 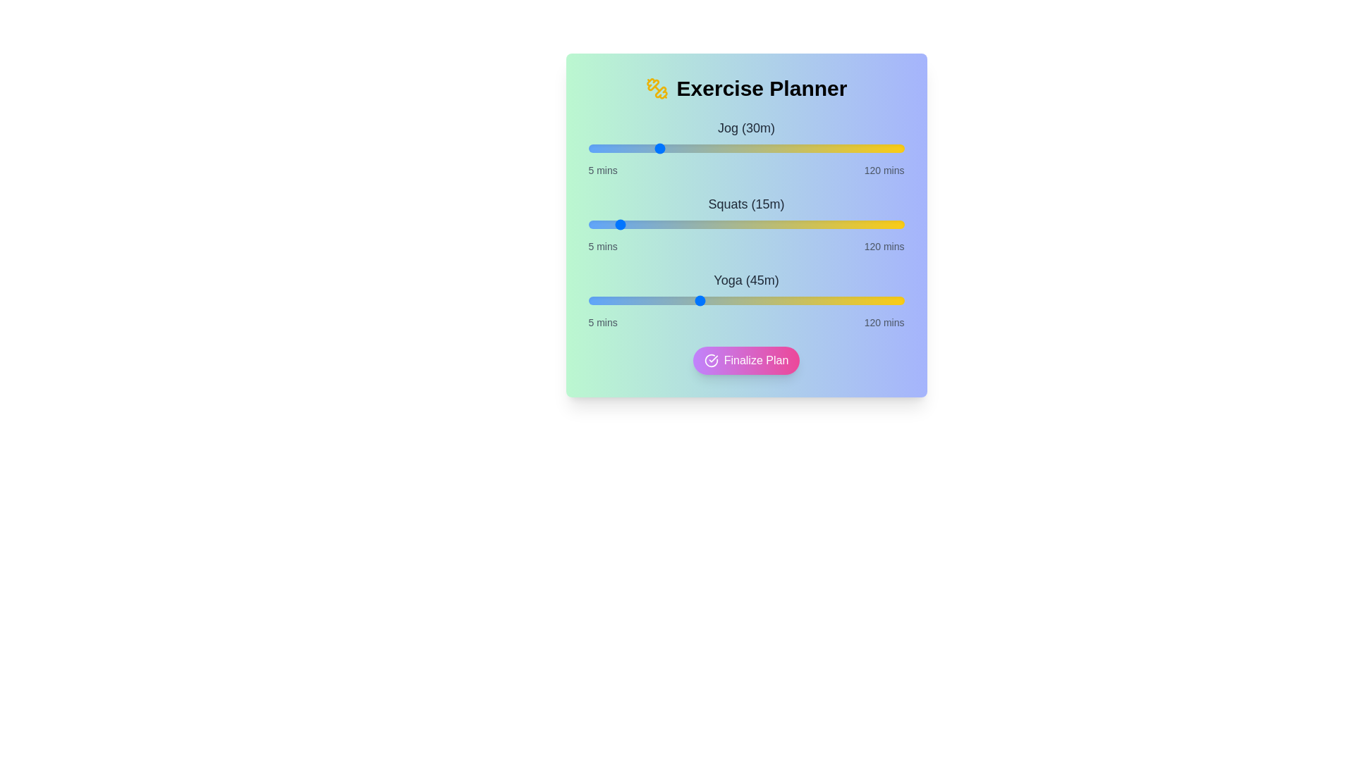 What do you see at coordinates (873, 224) in the screenshot?
I see `the duration of the 1 slider to 109 minutes` at bounding box center [873, 224].